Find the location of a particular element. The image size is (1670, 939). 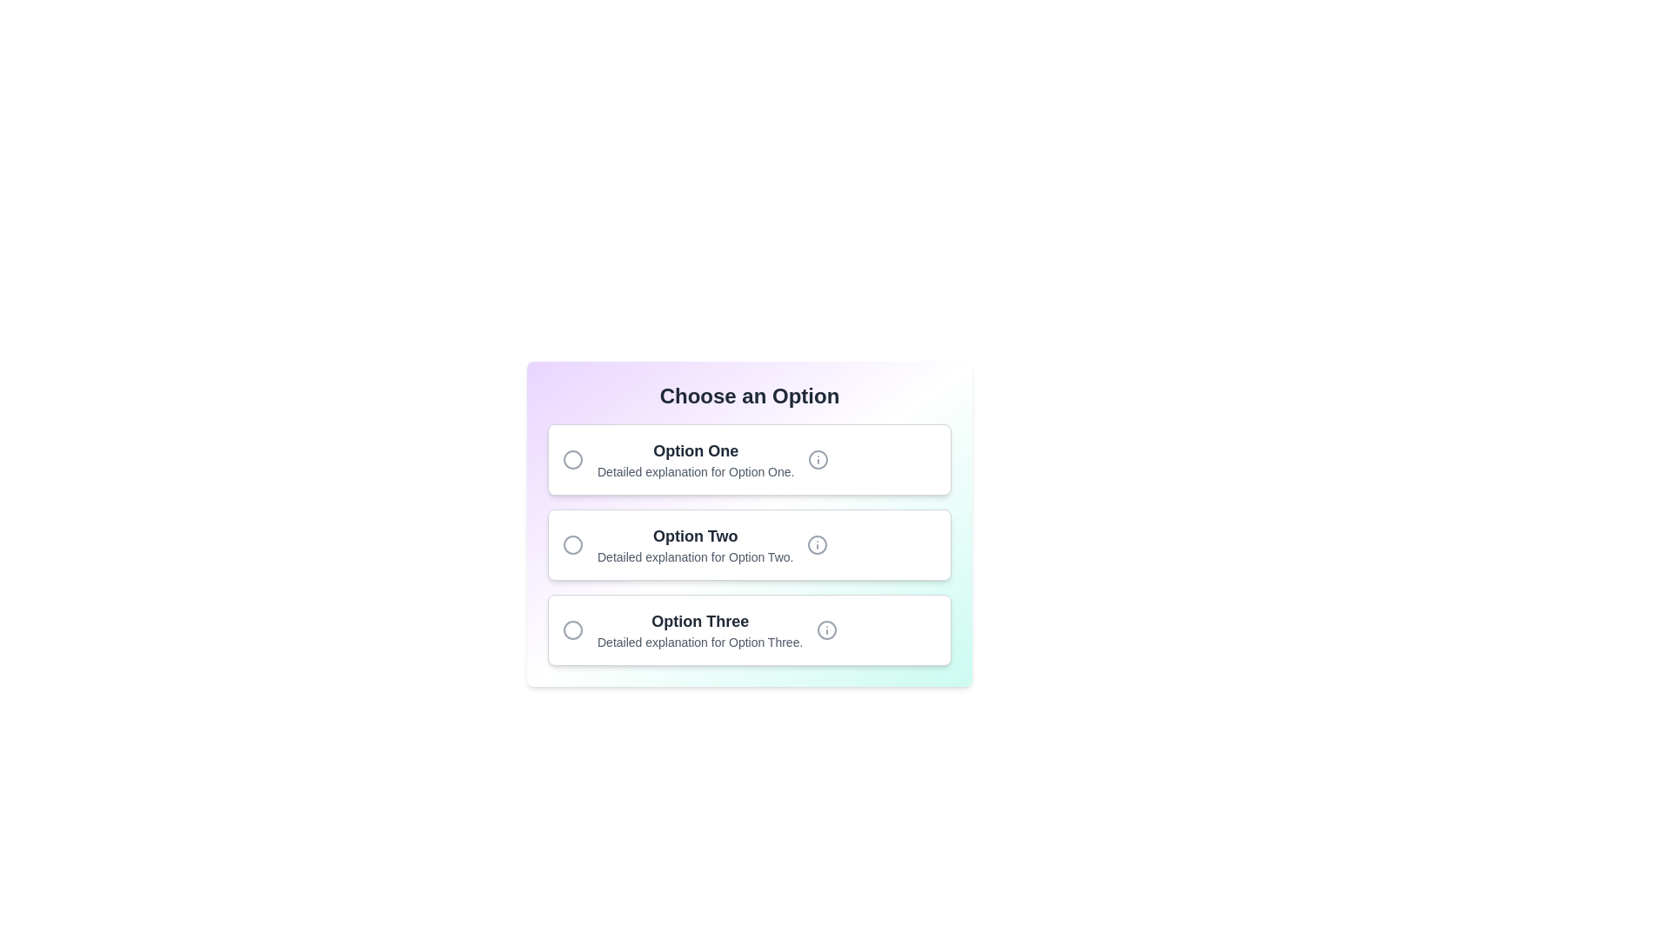

the text description located directly beneath the bold title 'Option Two' in the multi-choice selector interface is located at coordinates (694, 556).